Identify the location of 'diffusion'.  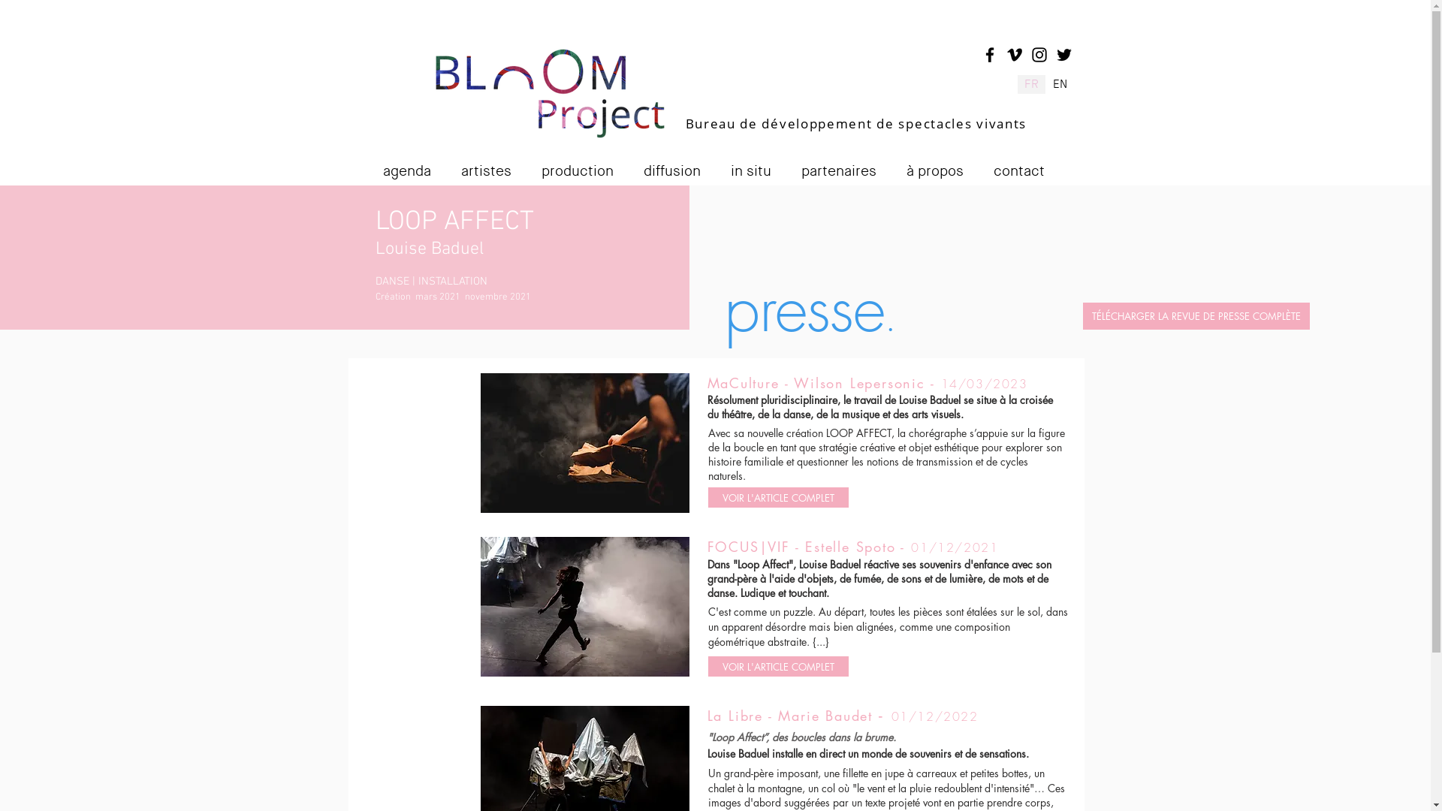
(680, 164).